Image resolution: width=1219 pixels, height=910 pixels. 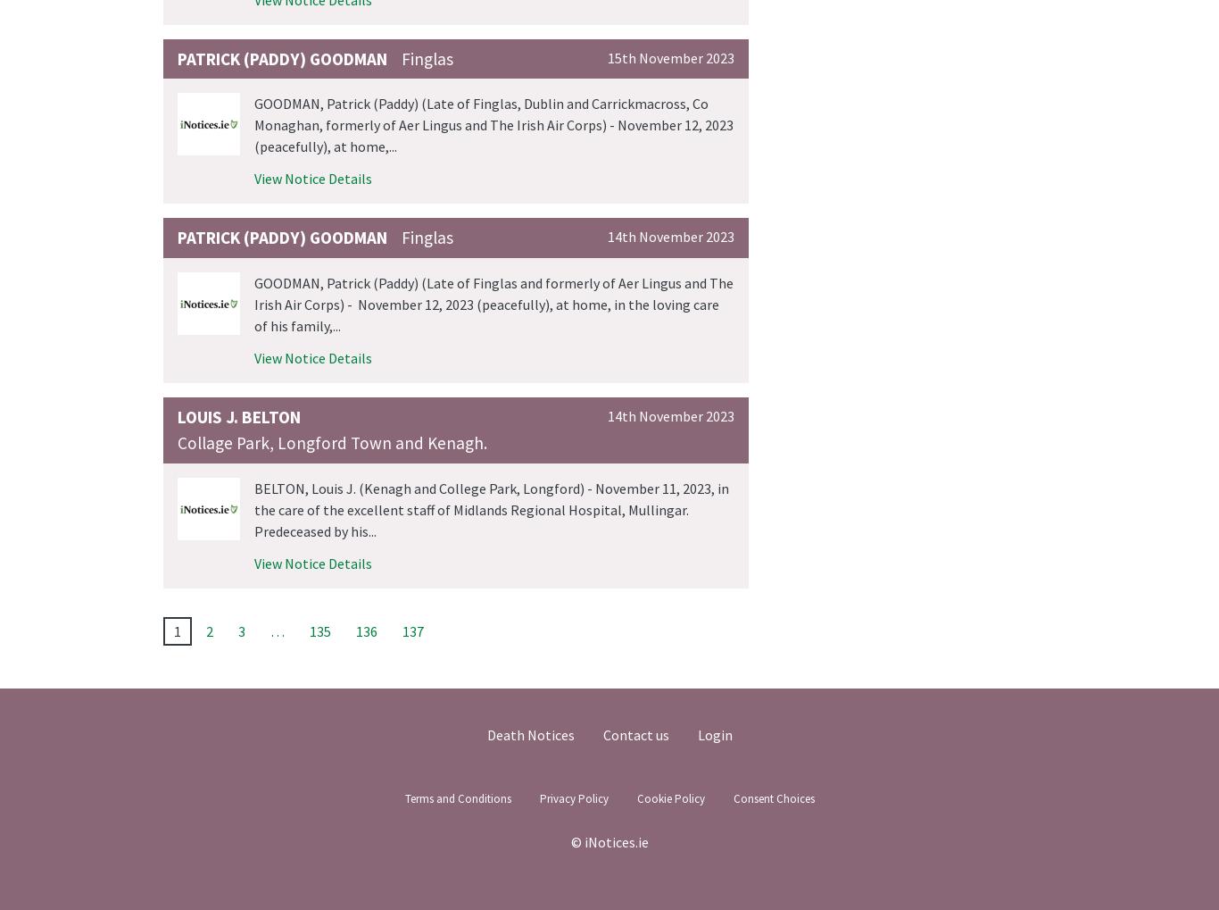 I want to click on 'Cookie Policy', so click(x=670, y=797).